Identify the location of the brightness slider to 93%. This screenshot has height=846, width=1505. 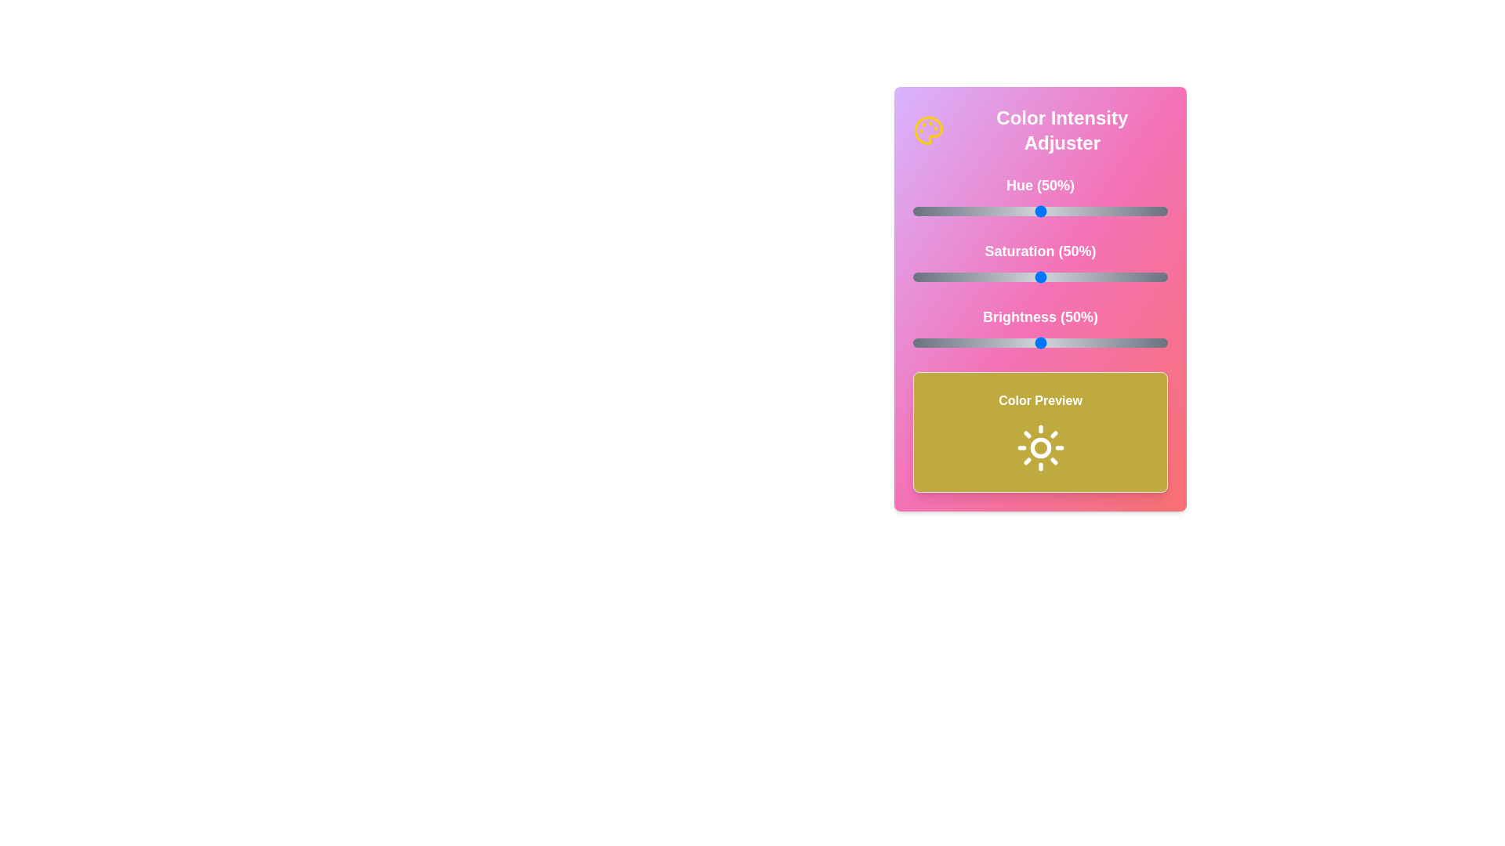
(1150, 342).